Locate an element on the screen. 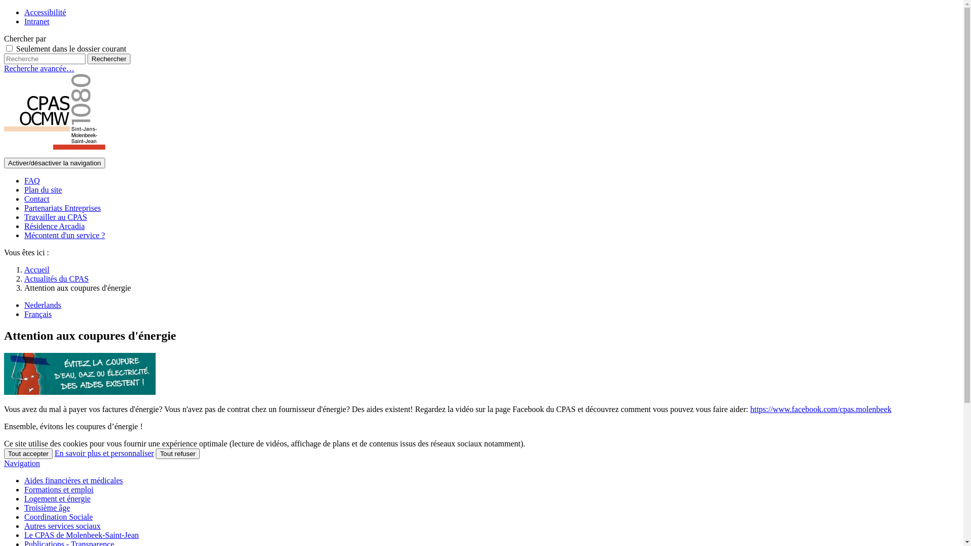  'https://www.facebook.com/cpas.molenbeek' is located at coordinates (750, 408).